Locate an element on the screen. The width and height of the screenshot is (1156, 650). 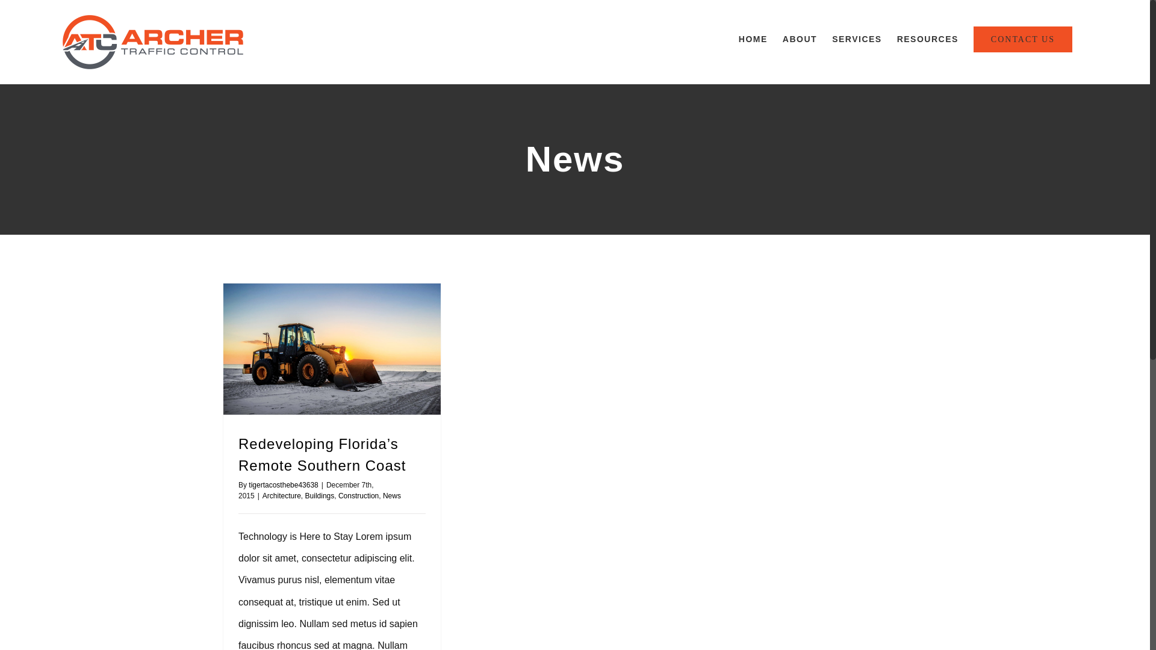
'SERVICES' is located at coordinates (856, 39).